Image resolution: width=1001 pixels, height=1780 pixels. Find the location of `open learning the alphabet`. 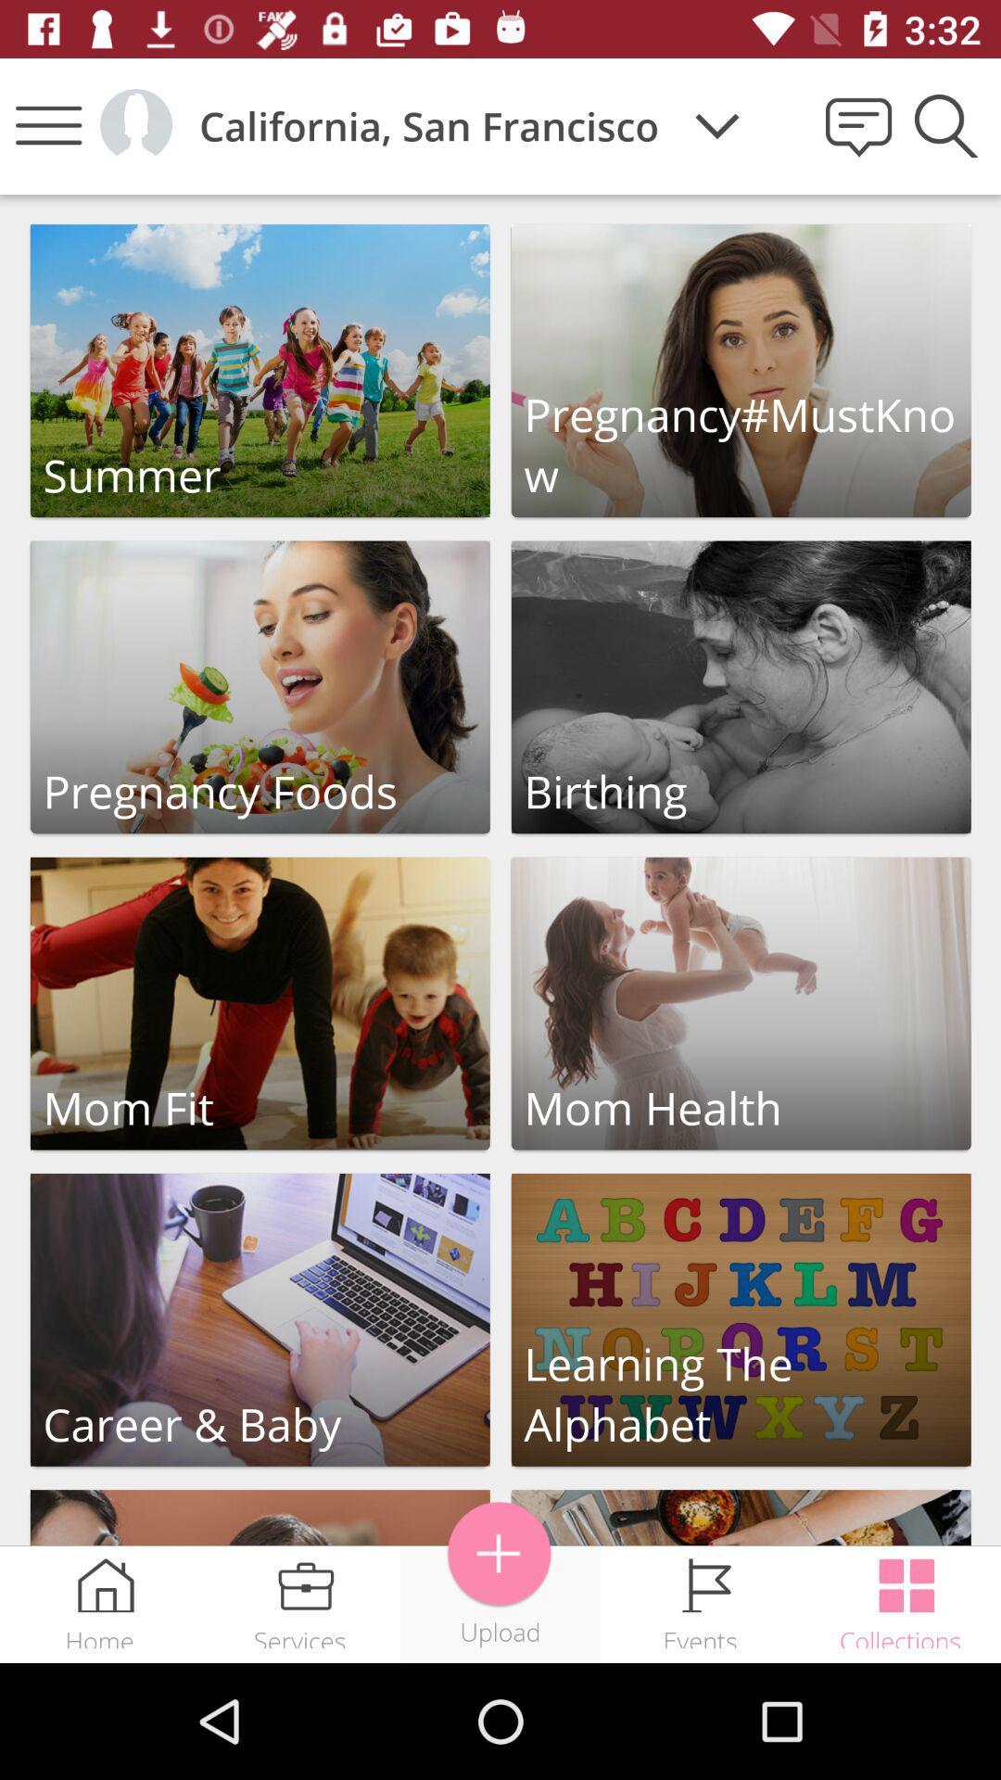

open learning the alphabet is located at coordinates (740, 1318).